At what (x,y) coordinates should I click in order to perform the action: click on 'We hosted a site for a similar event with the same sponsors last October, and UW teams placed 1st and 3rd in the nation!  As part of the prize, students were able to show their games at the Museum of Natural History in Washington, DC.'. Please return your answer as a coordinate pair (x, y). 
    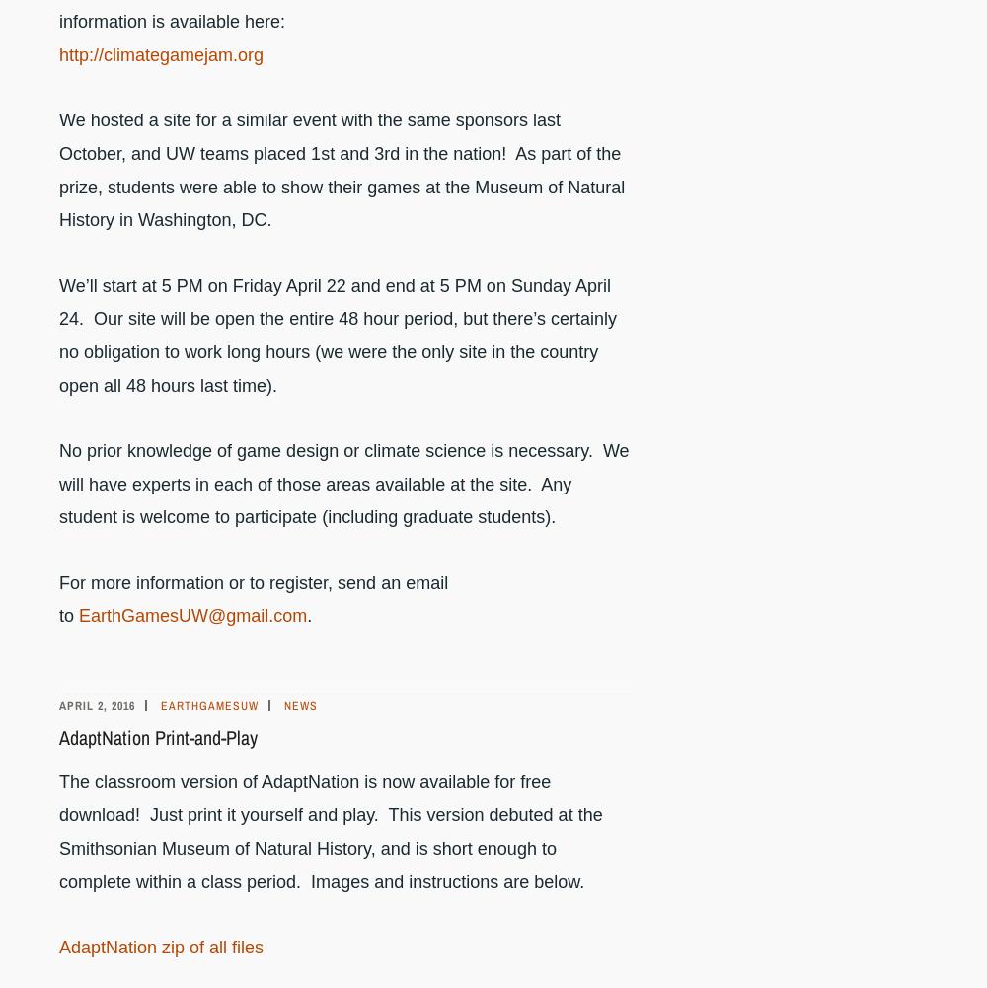
    Looking at the image, I should click on (59, 170).